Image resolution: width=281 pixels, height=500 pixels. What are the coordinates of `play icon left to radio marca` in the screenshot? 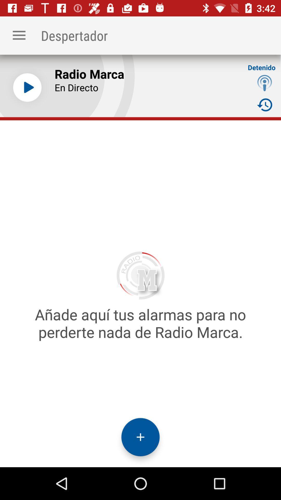 It's located at (27, 87).